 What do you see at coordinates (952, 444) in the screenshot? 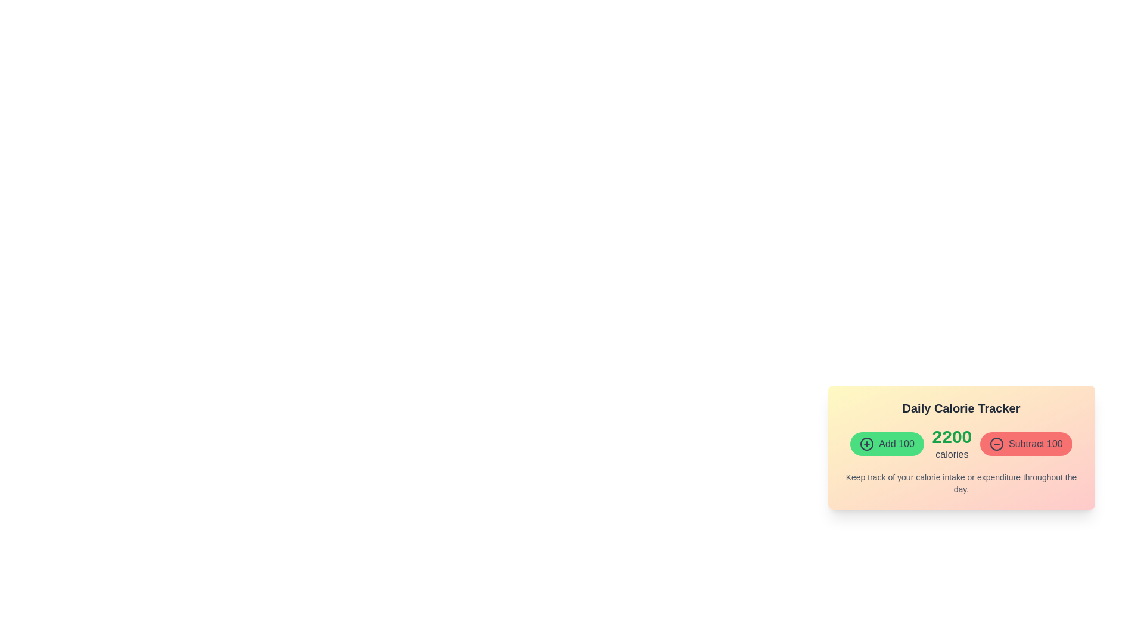
I see `the label displaying '2200 calories' in large, bold, green text, which is positioned between the 'Add 100' green button and the 'Subtract 100' red button in the Daily Calorie Tracker section` at bounding box center [952, 444].